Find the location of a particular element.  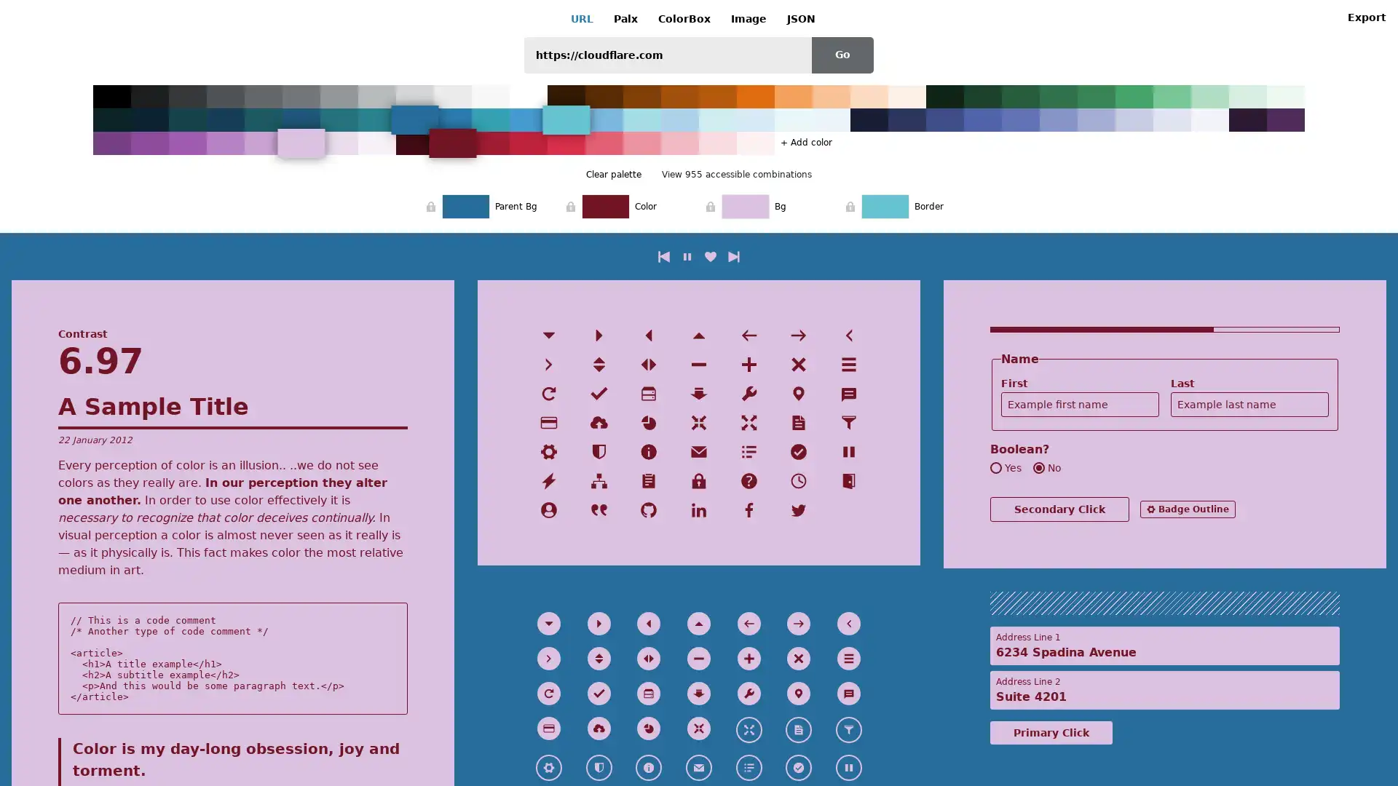

like current combination is located at coordinates (710, 255).